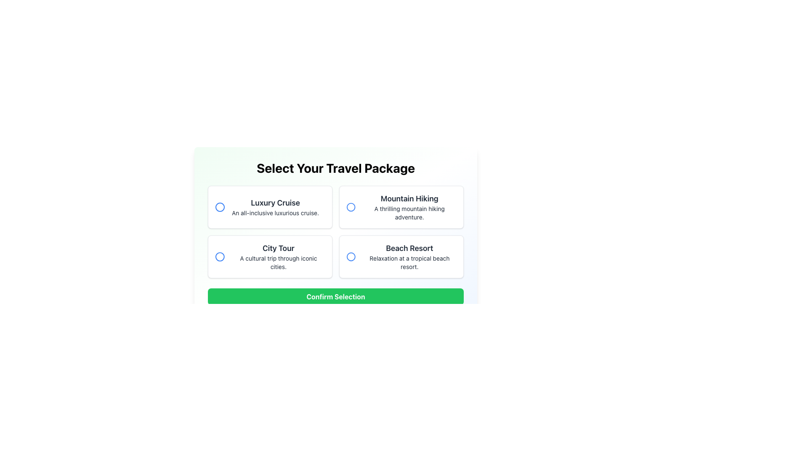 This screenshot has height=454, width=808. I want to click on the circular blue outlined Radio Button Indicator located near the 'Mountain Hiking' option, so click(351, 207).